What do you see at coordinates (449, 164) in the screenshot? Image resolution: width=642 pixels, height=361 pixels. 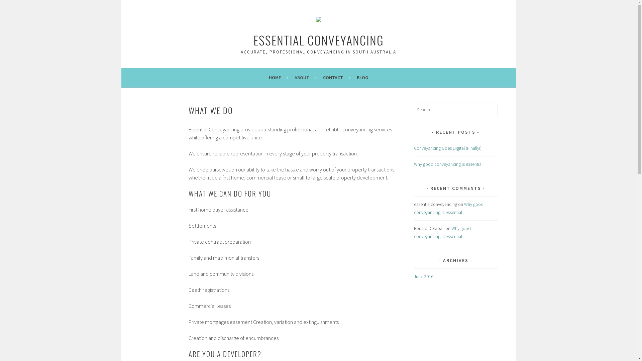 I see `'Why good conveyancing is essential  '` at bounding box center [449, 164].